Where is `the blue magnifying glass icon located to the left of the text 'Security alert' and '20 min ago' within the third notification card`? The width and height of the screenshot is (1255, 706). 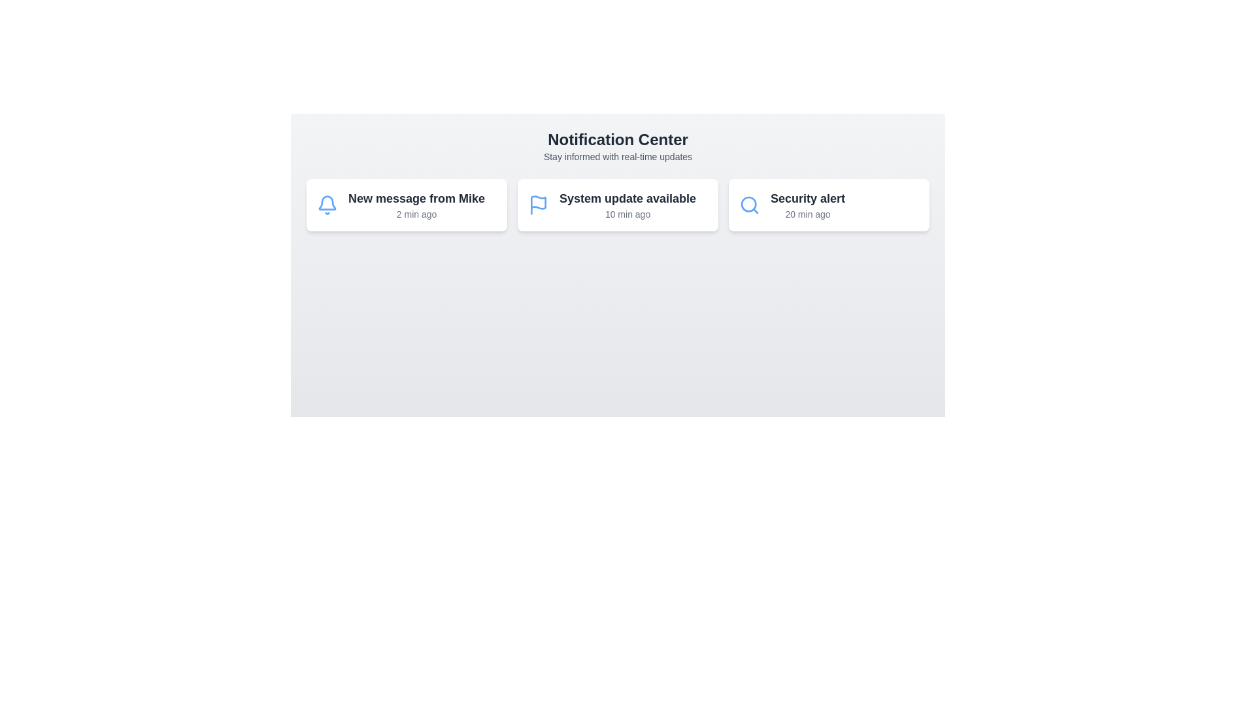 the blue magnifying glass icon located to the left of the text 'Security alert' and '20 min ago' within the third notification card is located at coordinates (750, 205).